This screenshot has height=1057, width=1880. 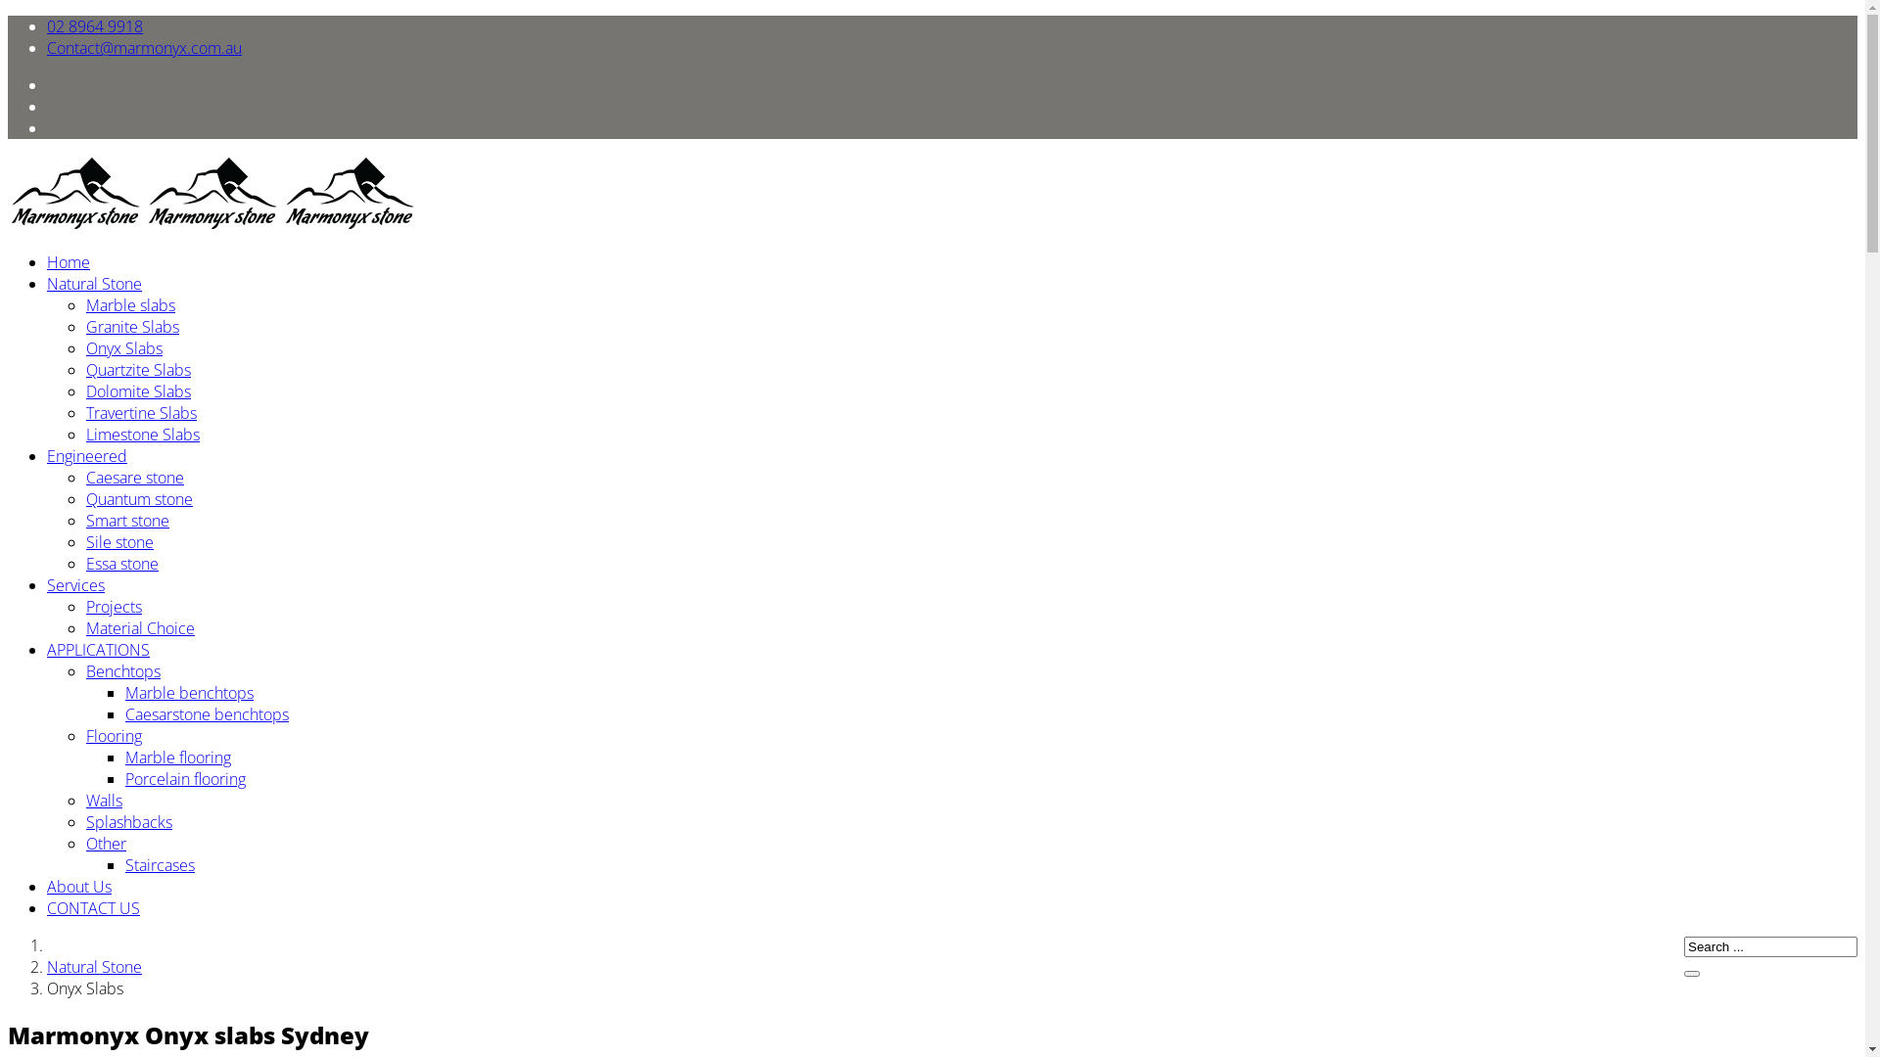 I want to click on 'Contact@marmonyx.com.au', so click(x=143, y=47).